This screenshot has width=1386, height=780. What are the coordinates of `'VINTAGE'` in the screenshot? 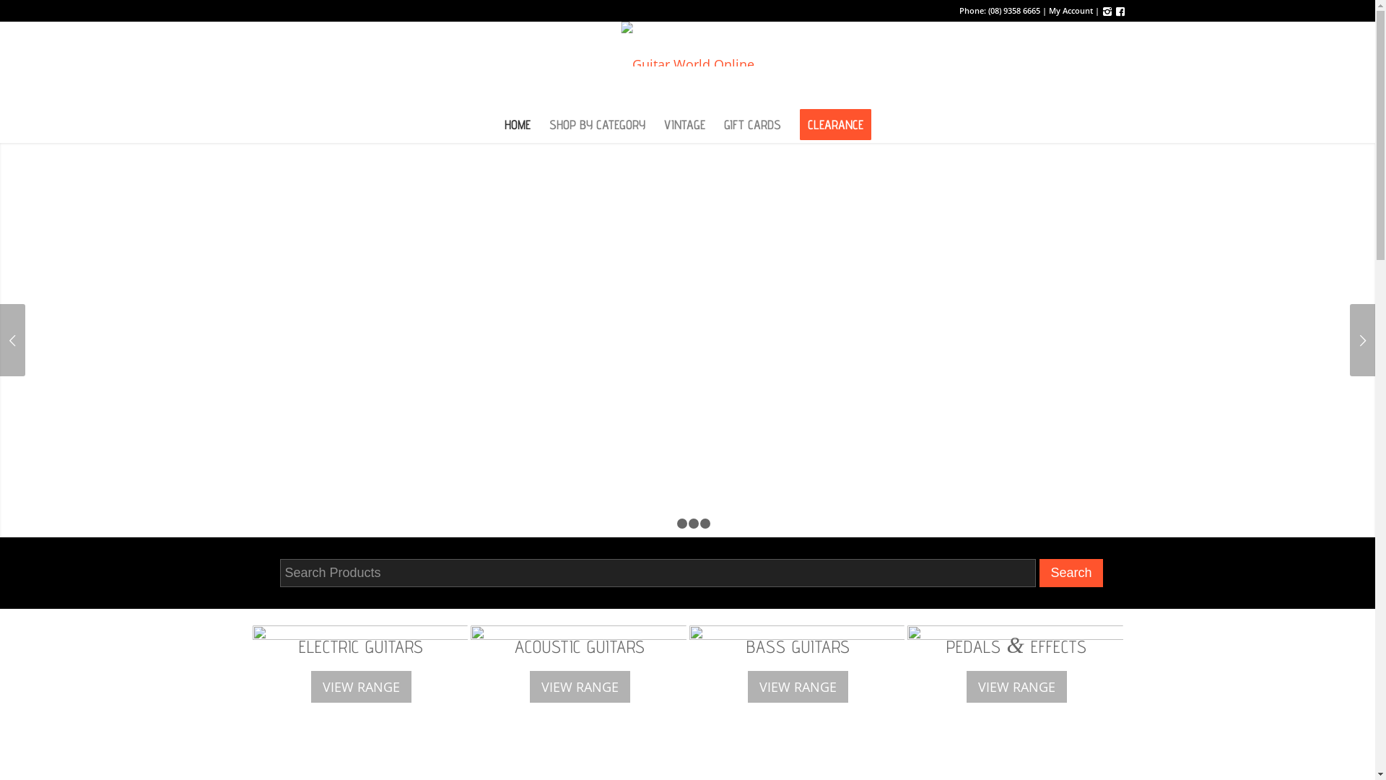 It's located at (653, 124).